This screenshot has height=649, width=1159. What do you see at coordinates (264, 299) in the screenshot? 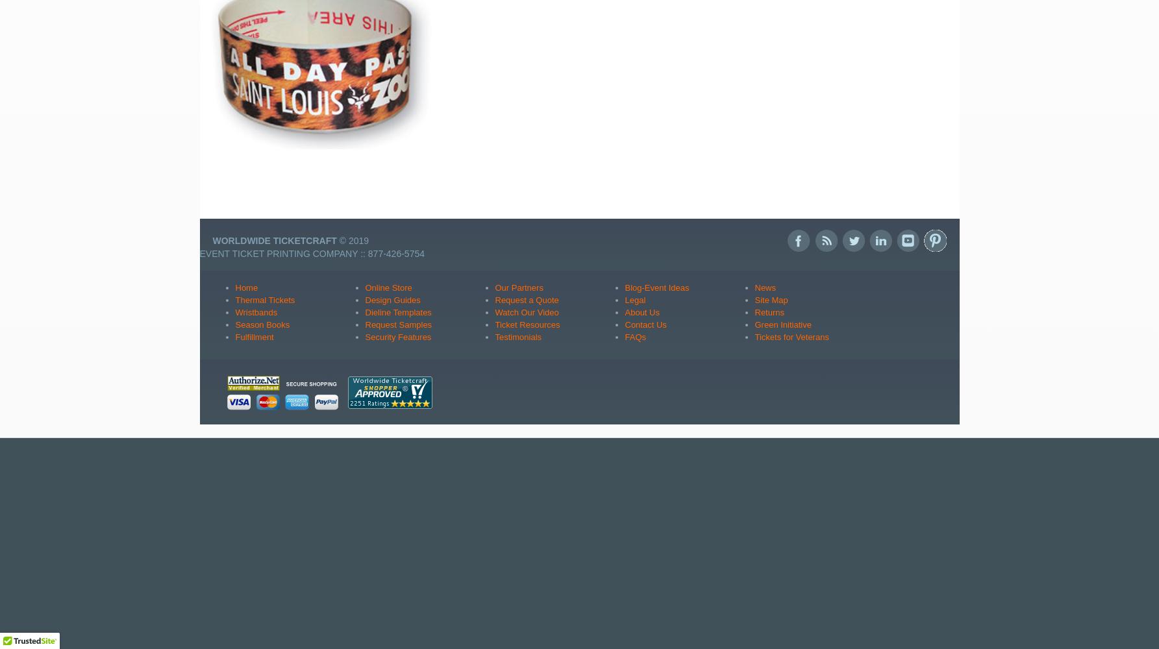
I see `'Thermal Tickets'` at bounding box center [264, 299].